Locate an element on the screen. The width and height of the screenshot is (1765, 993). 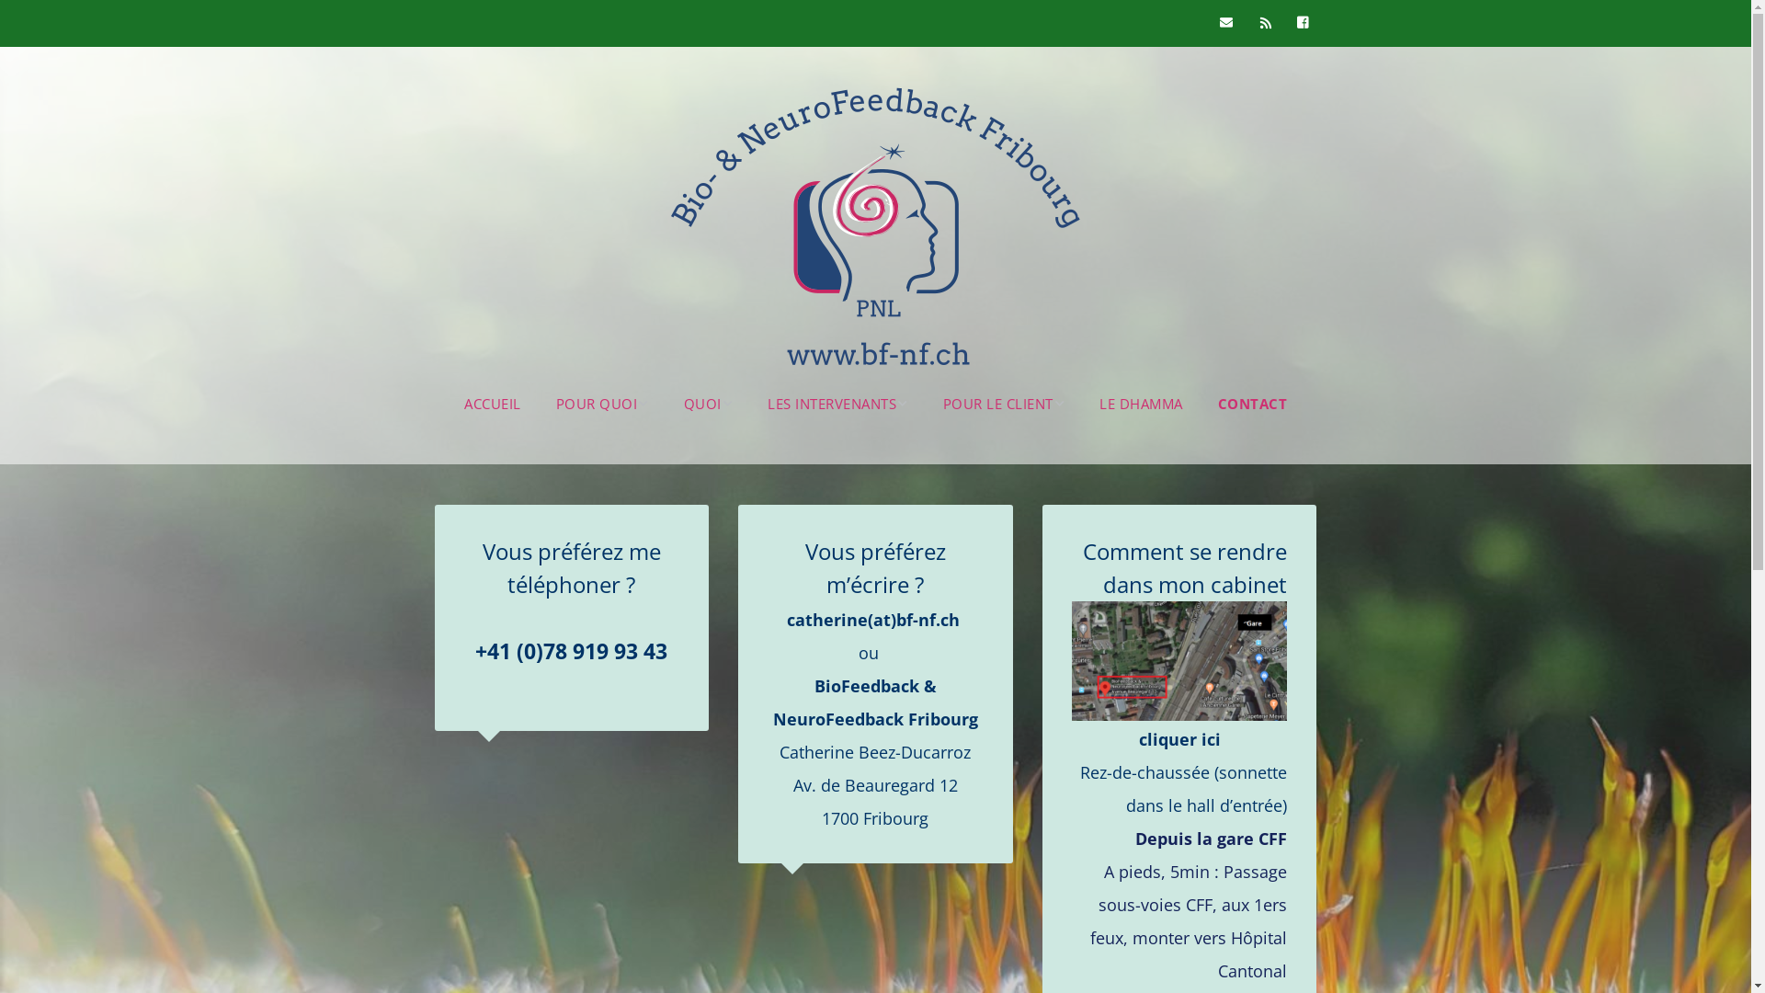
'ACCUEIL' is located at coordinates (493, 403).